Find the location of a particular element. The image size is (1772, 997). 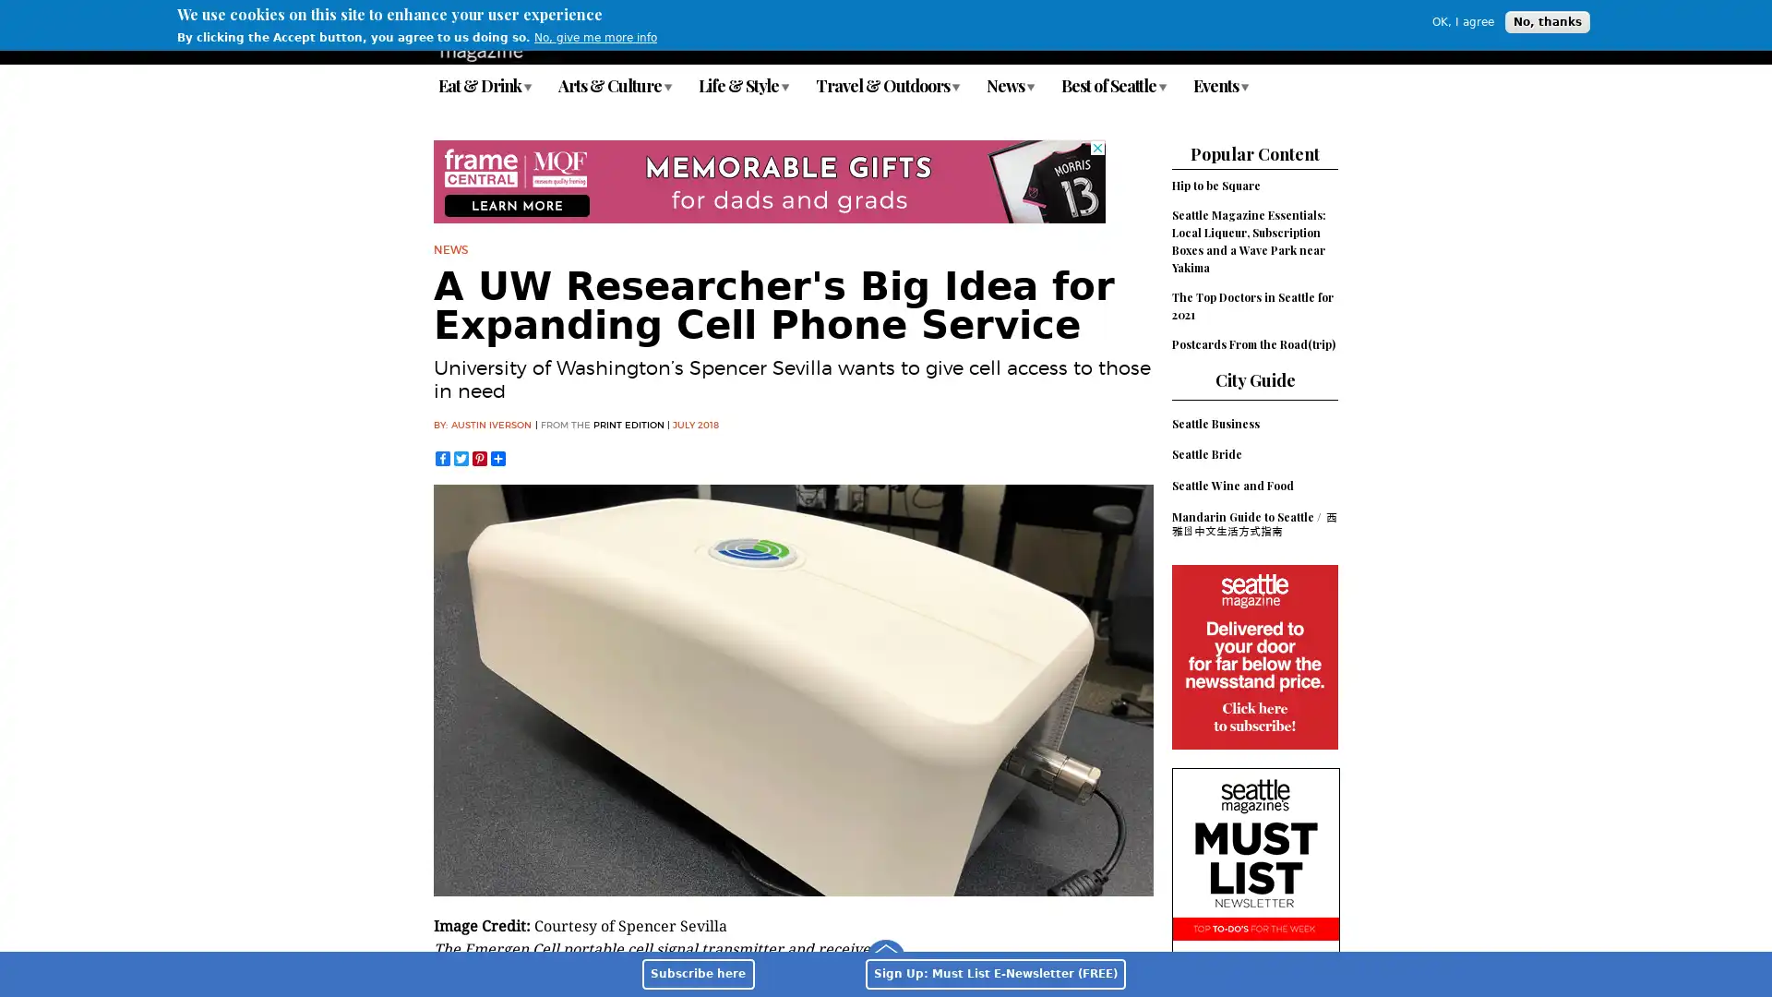

OK, I agree is located at coordinates (1462, 21).